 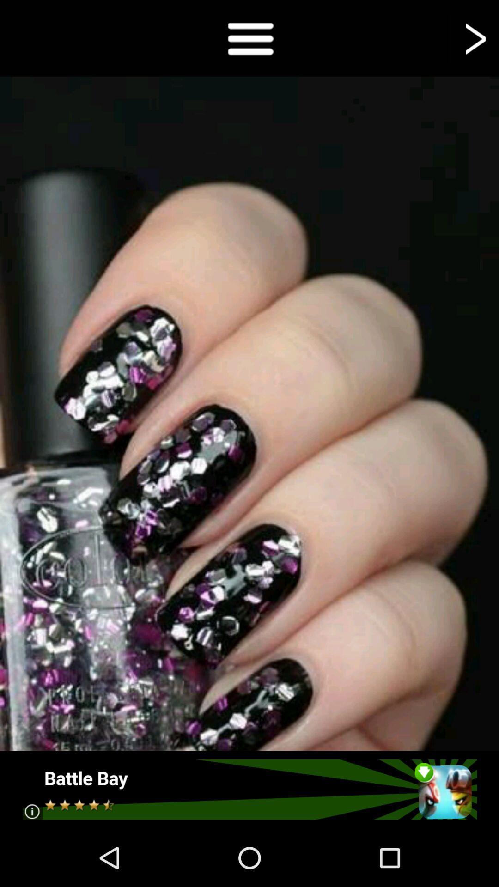 What do you see at coordinates (249, 789) in the screenshot?
I see `icon at the bottom` at bounding box center [249, 789].